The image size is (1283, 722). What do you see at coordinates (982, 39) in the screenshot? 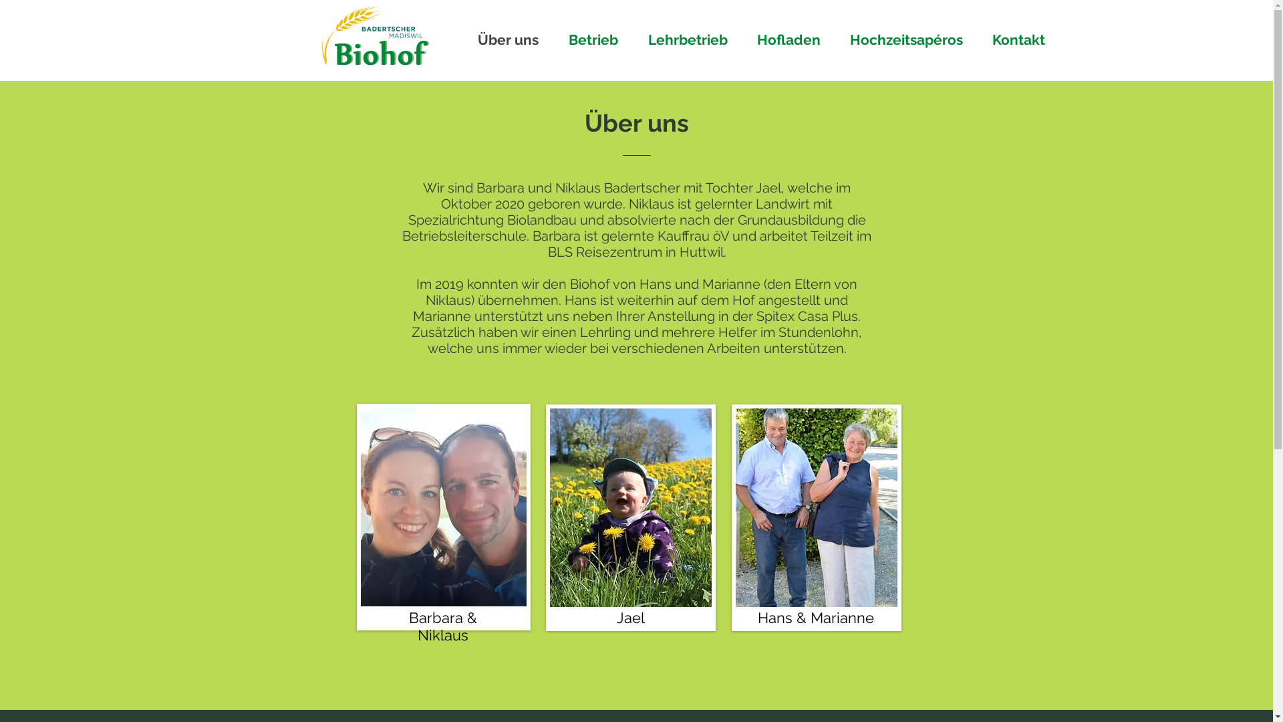
I see `'Kontakt'` at bounding box center [982, 39].